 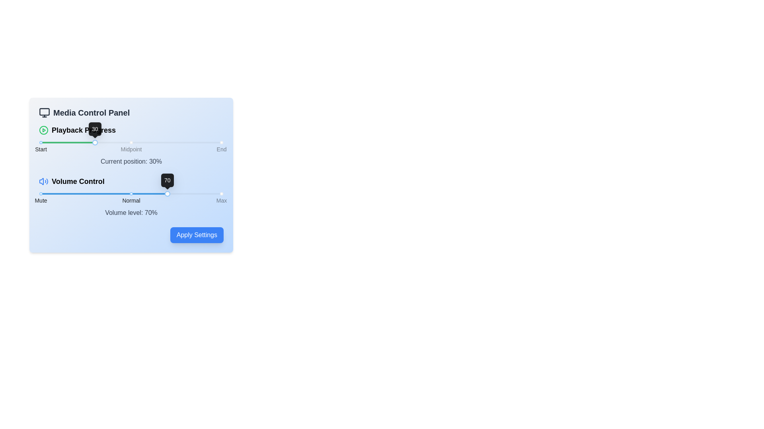 I want to click on playback progress, so click(x=125, y=142).